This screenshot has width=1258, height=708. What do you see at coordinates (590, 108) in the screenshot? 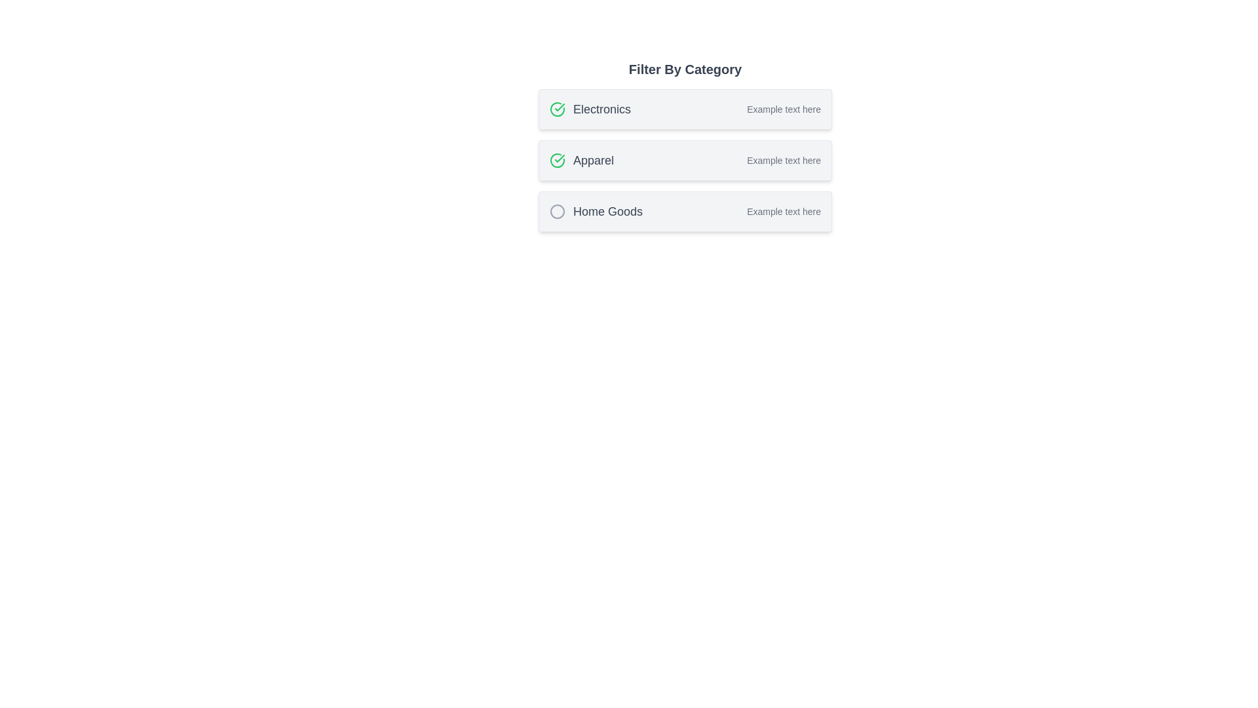
I see `text label 'Electronics' which is the first entry in the 'Filter By Category' section, located adjacent to a green checkmark icon and a description labeled 'Example text here'` at bounding box center [590, 108].